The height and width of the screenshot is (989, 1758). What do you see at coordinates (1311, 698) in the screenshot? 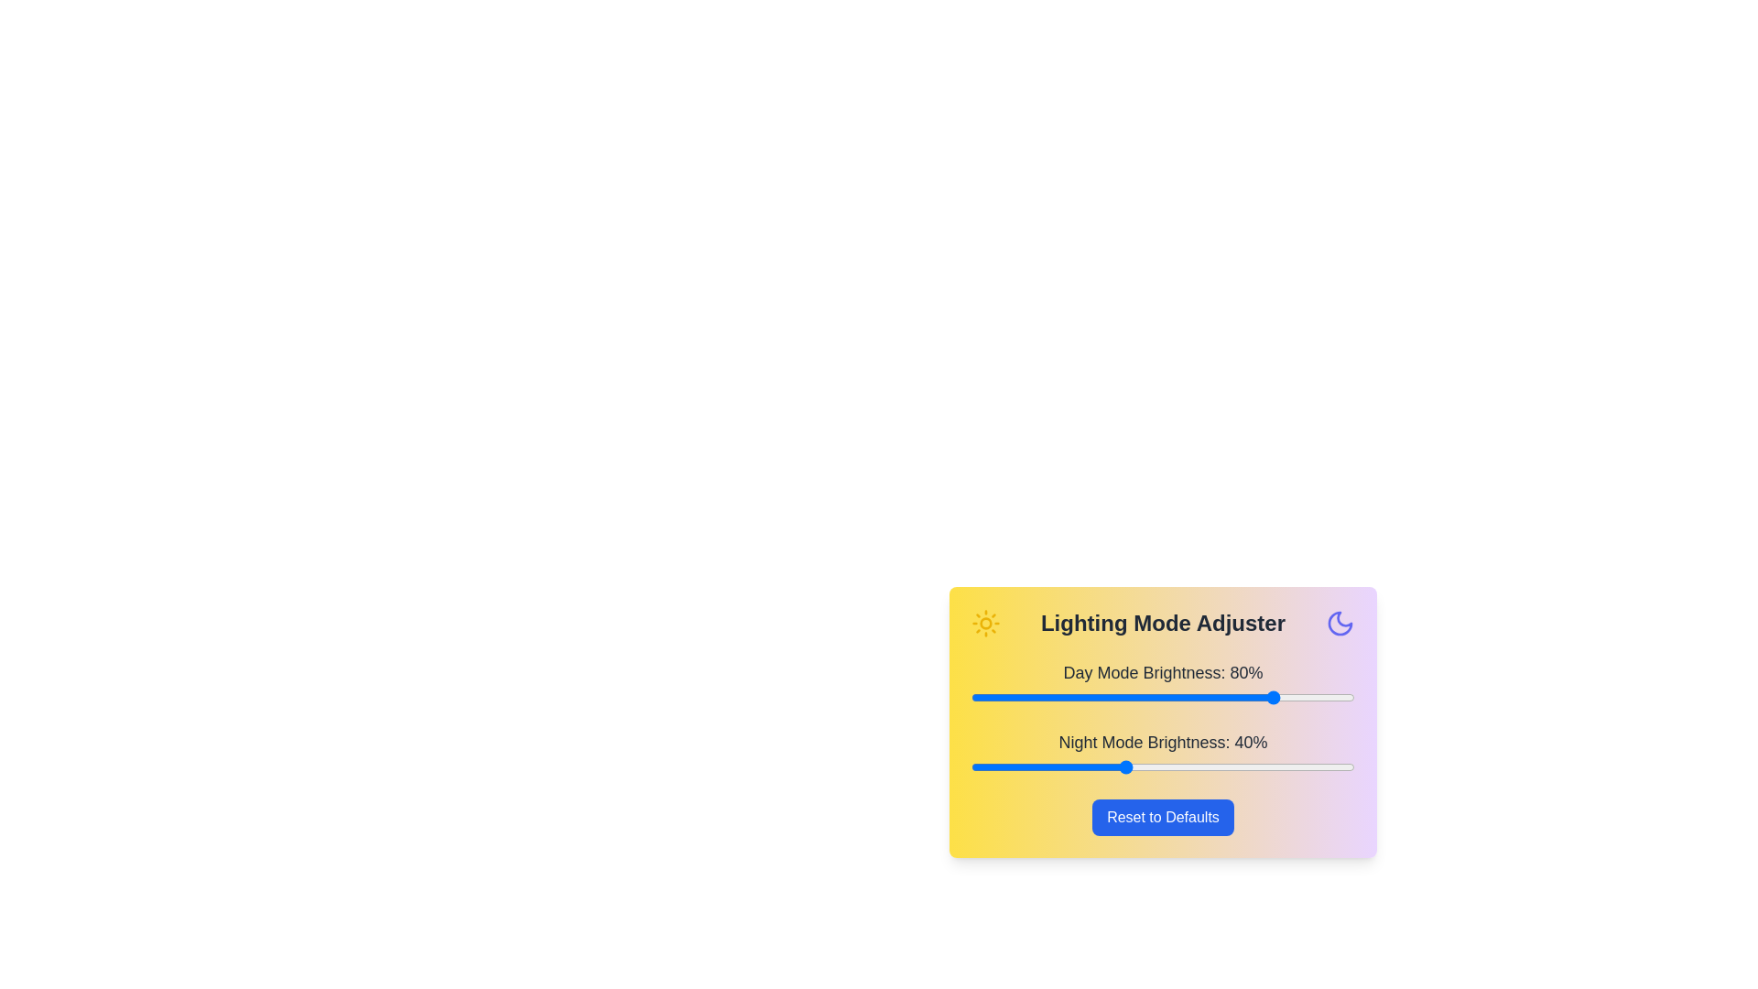
I see `the day mode brightness slider to 89%` at bounding box center [1311, 698].